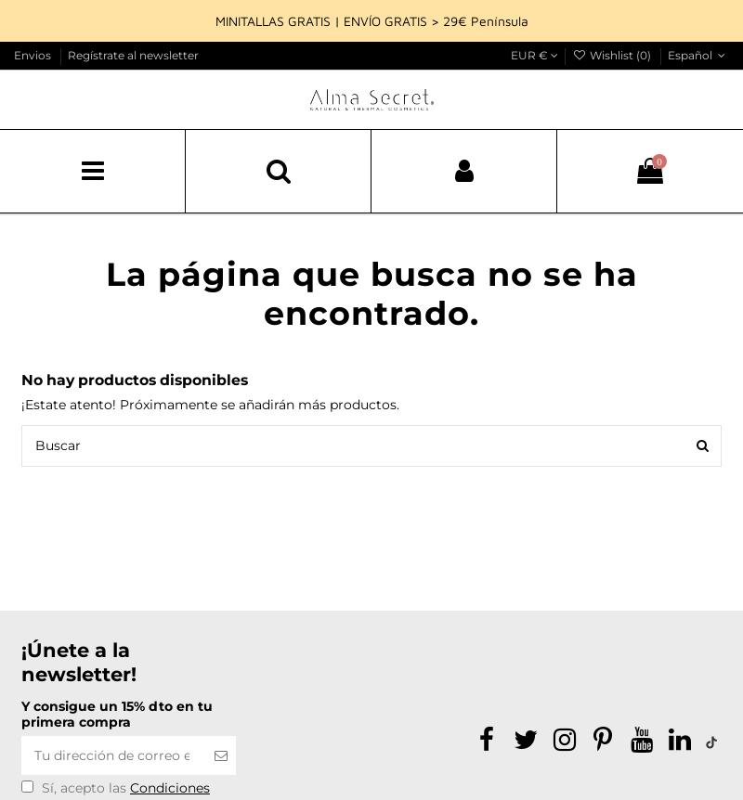 This screenshot has width=743, height=800. I want to click on 'Estado de la tramitación: Concedida', so click(502, 45).